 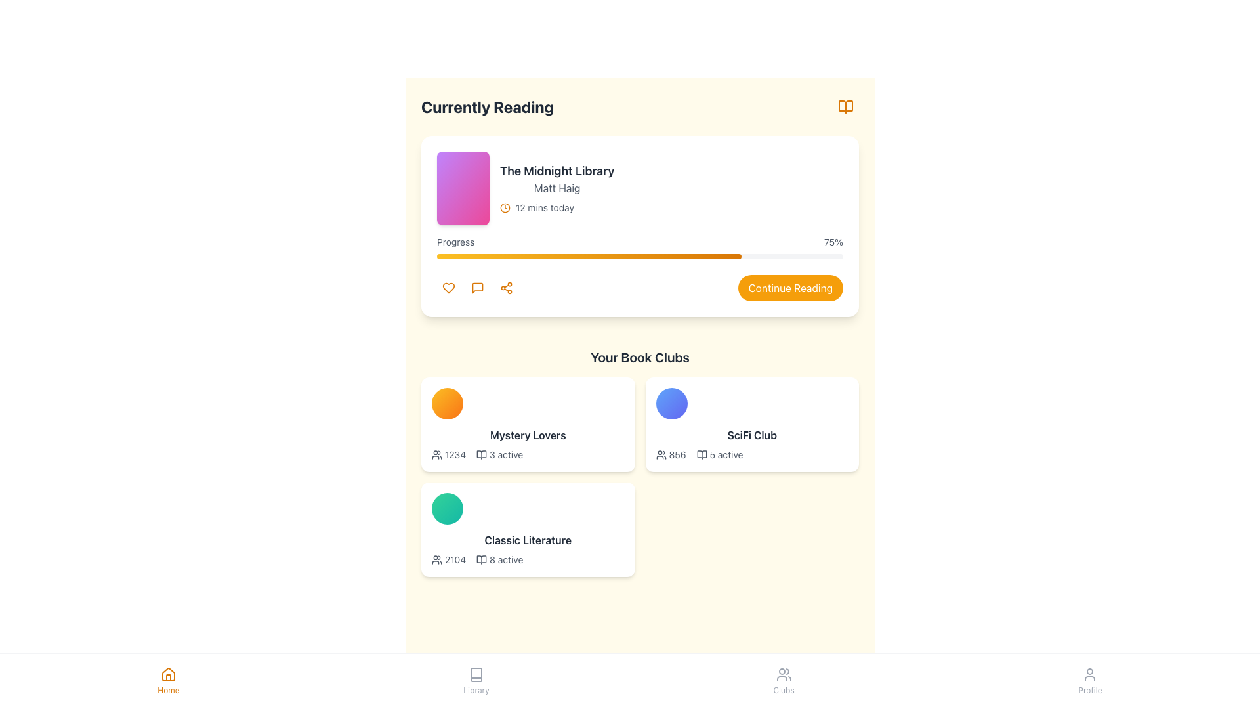 I want to click on the element that consists of an open book icon followed by the text '3 active' in a small gray font, located in the 'Your Book Clubs' section under the 'Mystery Lovers' card, so click(x=499, y=454).